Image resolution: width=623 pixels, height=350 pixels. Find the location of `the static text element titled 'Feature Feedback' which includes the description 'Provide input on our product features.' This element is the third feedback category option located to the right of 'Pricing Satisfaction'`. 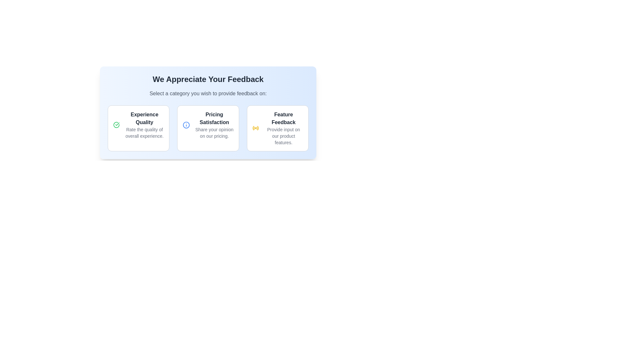

the static text element titled 'Feature Feedback' which includes the description 'Provide input on our product features.' This element is the third feedback category option located to the right of 'Pricing Satisfaction' is located at coordinates (283, 128).